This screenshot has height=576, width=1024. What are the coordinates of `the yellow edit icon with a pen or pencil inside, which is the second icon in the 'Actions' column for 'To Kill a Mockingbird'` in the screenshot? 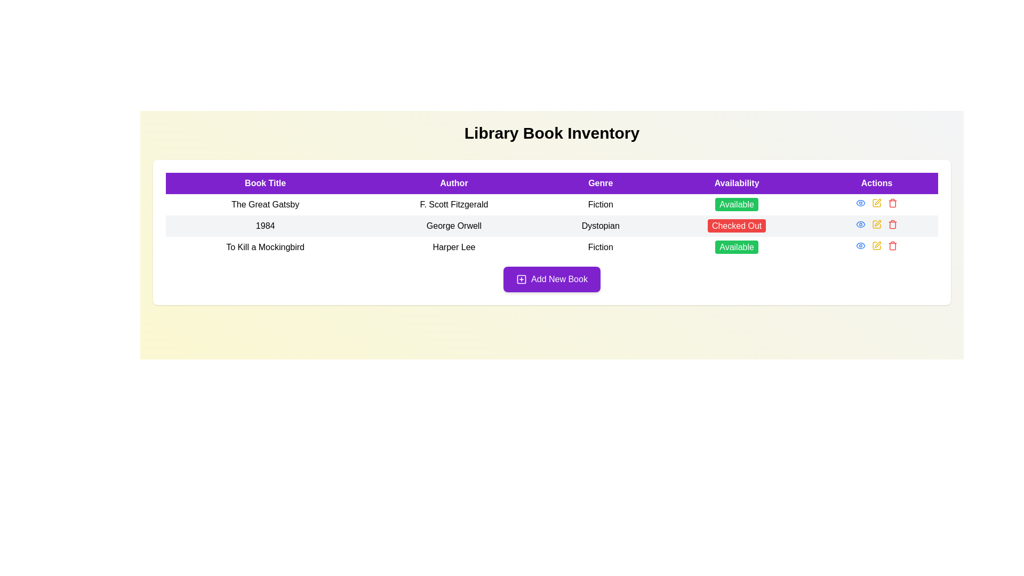 It's located at (877, 246).